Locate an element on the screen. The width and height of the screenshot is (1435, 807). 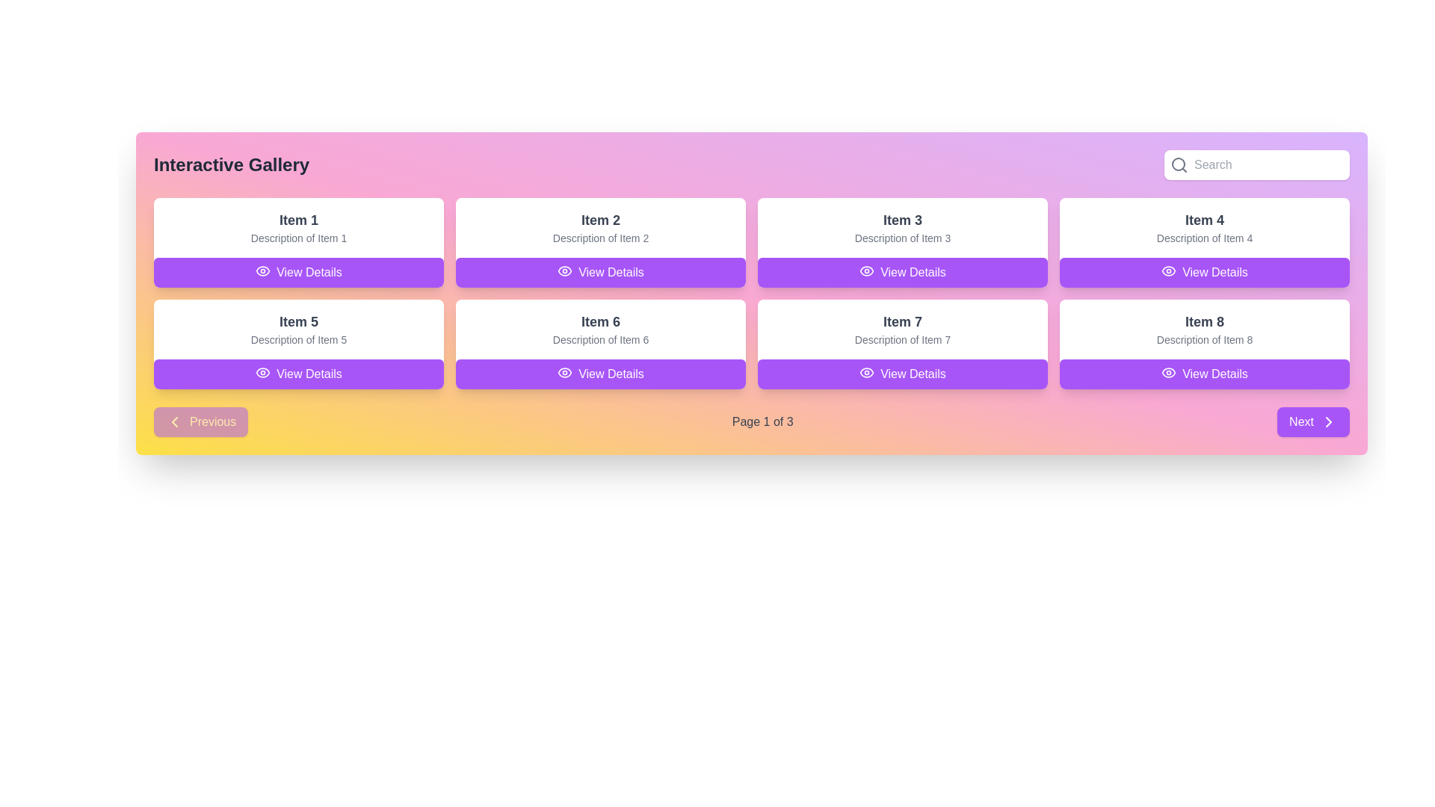
details associated with the eye-shaped icon located on the left side of the 'View Details' button for 'Item 5' is located at coordinates (262, 371).